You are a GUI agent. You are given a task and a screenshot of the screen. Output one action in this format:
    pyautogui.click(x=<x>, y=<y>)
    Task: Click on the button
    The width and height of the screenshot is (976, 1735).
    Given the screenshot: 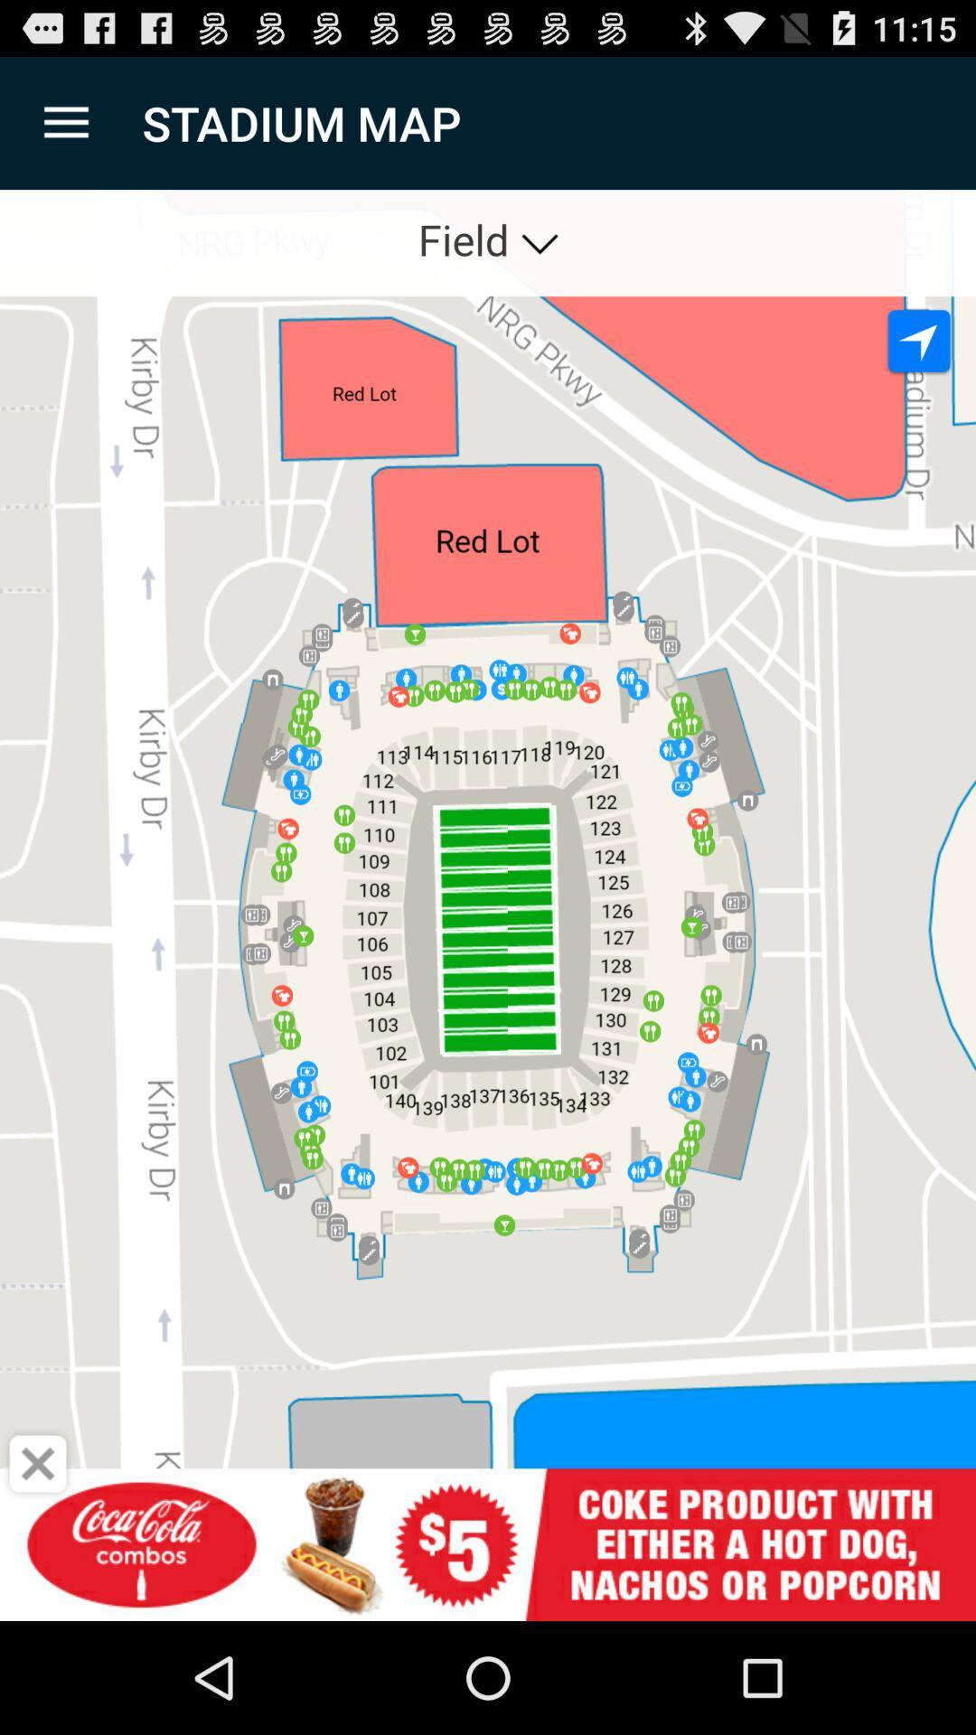 What is the action you would take?
    pyautogui.click(x=38, y=1464)
    